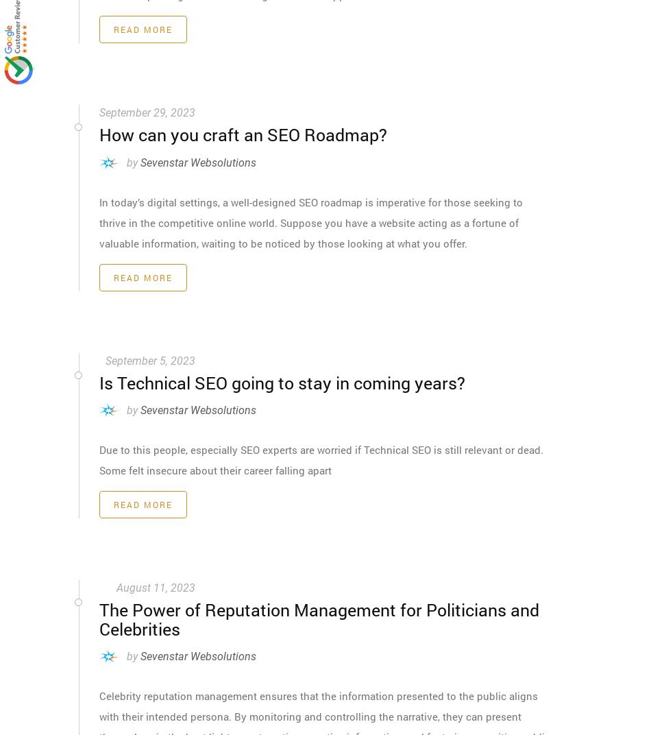  I want to click on 'Is Technical SEO going to stay in coming years?', so click(99, 381).